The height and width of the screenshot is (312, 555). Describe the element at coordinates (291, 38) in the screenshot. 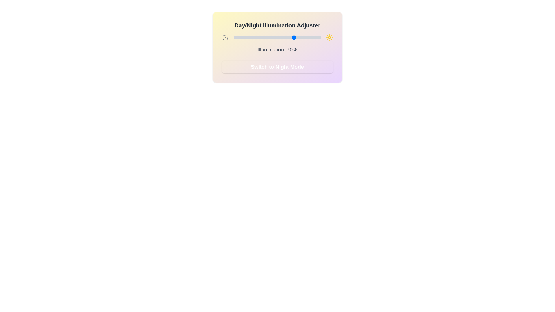

I see `the illumination level to 66% by dragging the slider` at that location.